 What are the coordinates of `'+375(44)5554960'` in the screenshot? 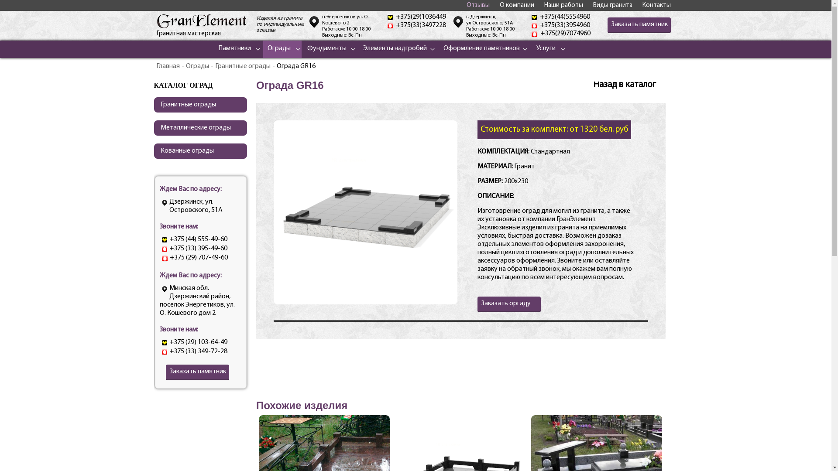 It's located at (564, 17).